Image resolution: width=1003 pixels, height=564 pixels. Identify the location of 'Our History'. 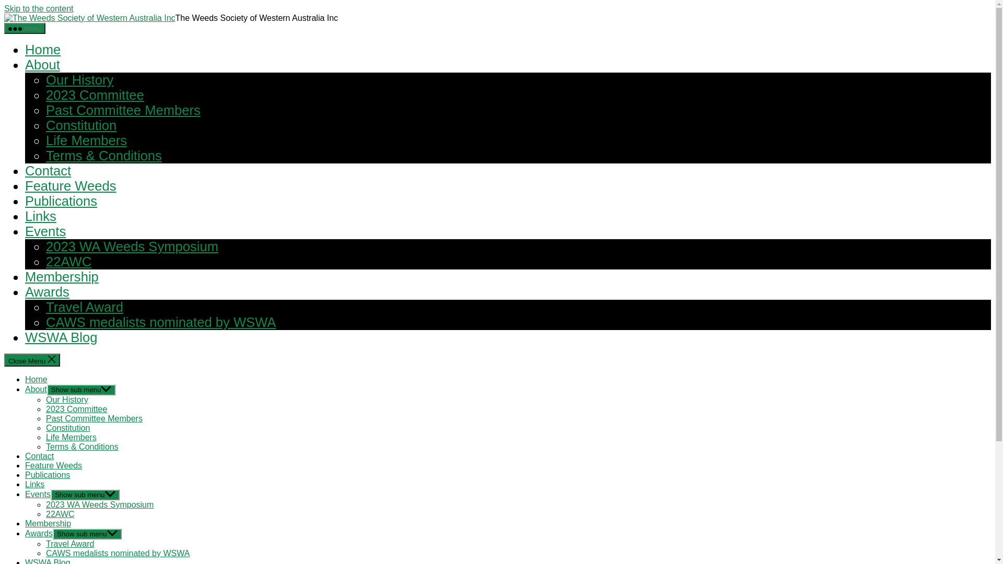
(66, 399).